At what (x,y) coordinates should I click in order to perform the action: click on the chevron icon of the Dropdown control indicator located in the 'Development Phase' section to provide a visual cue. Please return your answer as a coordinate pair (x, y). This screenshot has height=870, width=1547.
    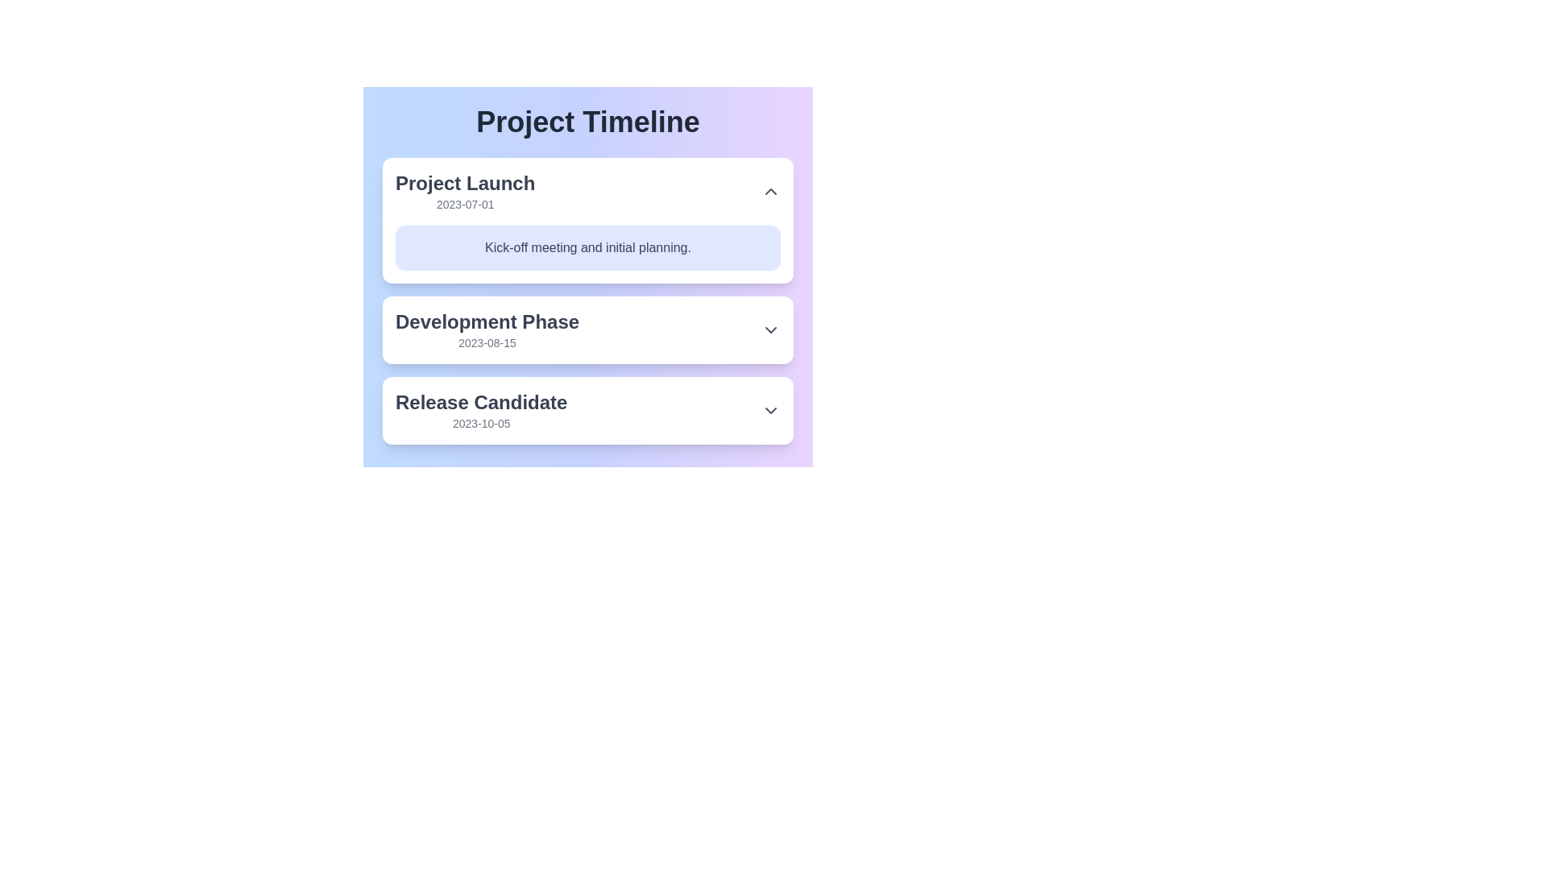
    Looking at the image, I should click on (769, 329).